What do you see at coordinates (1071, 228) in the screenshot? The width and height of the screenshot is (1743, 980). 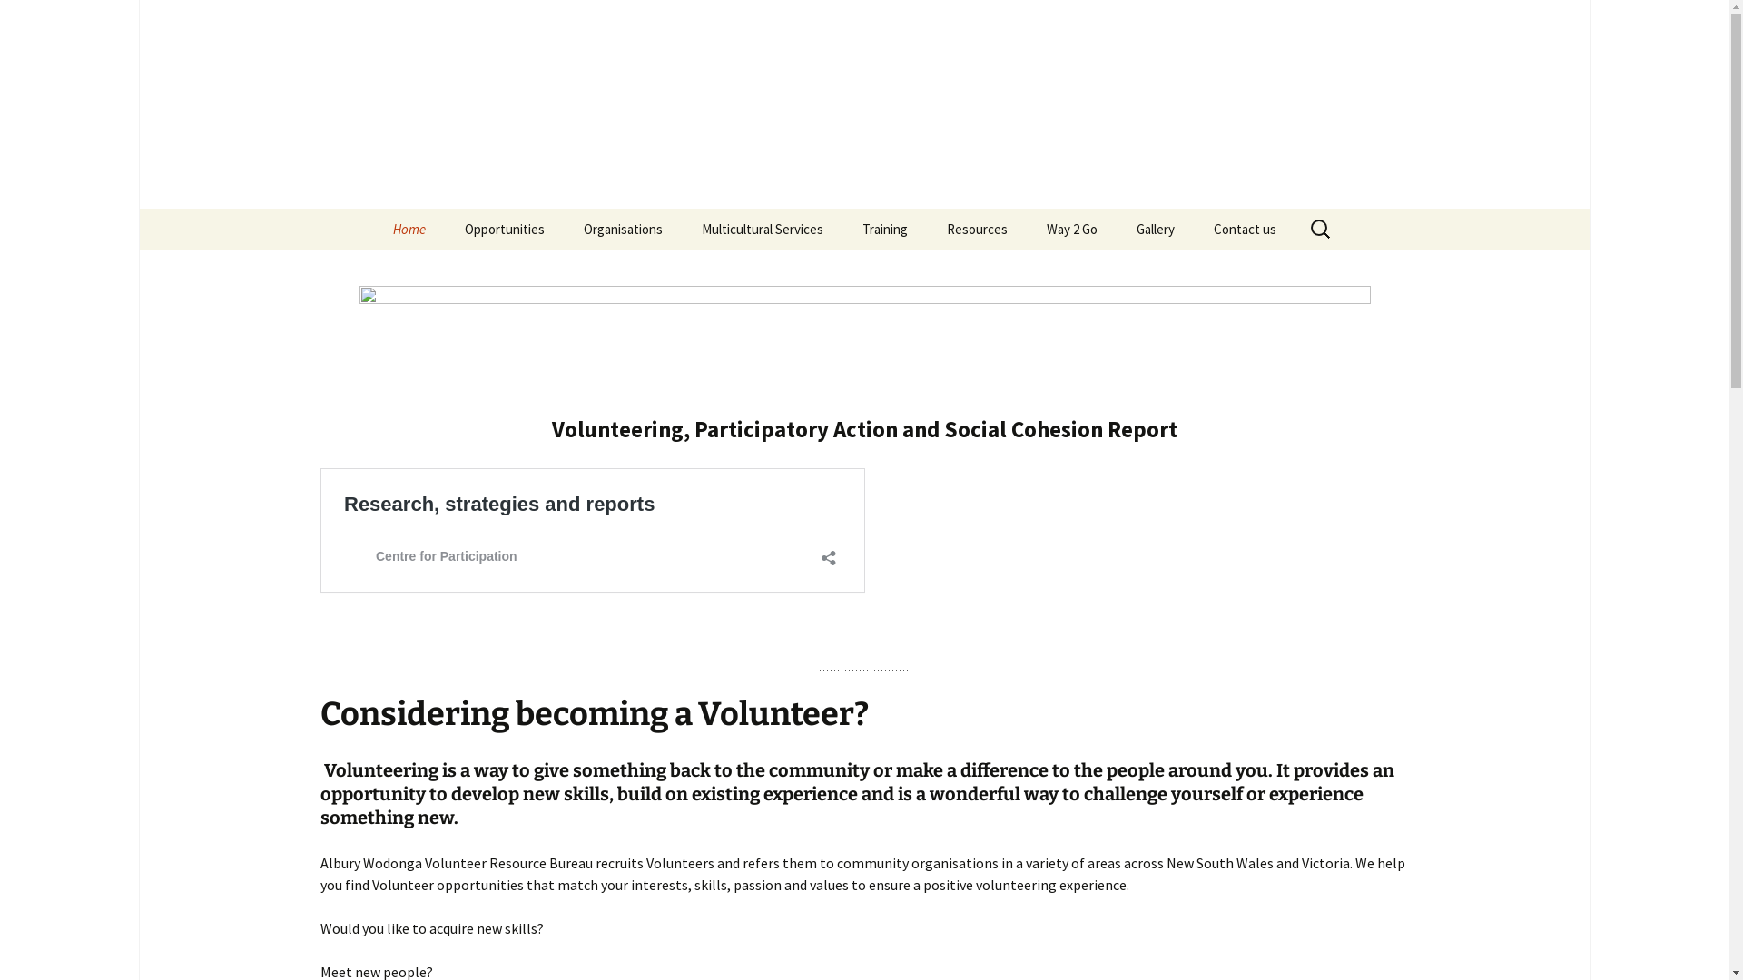 I see `'Way 2 Go'` at bounding box center [1071, 228].